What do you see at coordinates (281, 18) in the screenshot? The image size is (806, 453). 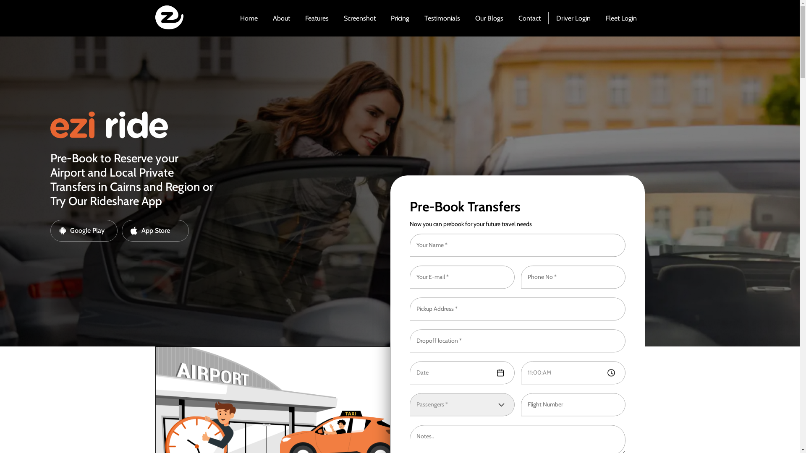 I see `'About'` at bounding box center [281, 18].